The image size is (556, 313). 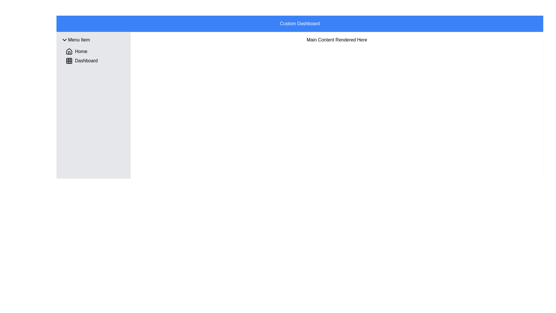 I want to click on the outermost part of the house icon located in the sidebar under the 'Menu Item' title, to the left of the text 'Home', so click(x=69, y=51).